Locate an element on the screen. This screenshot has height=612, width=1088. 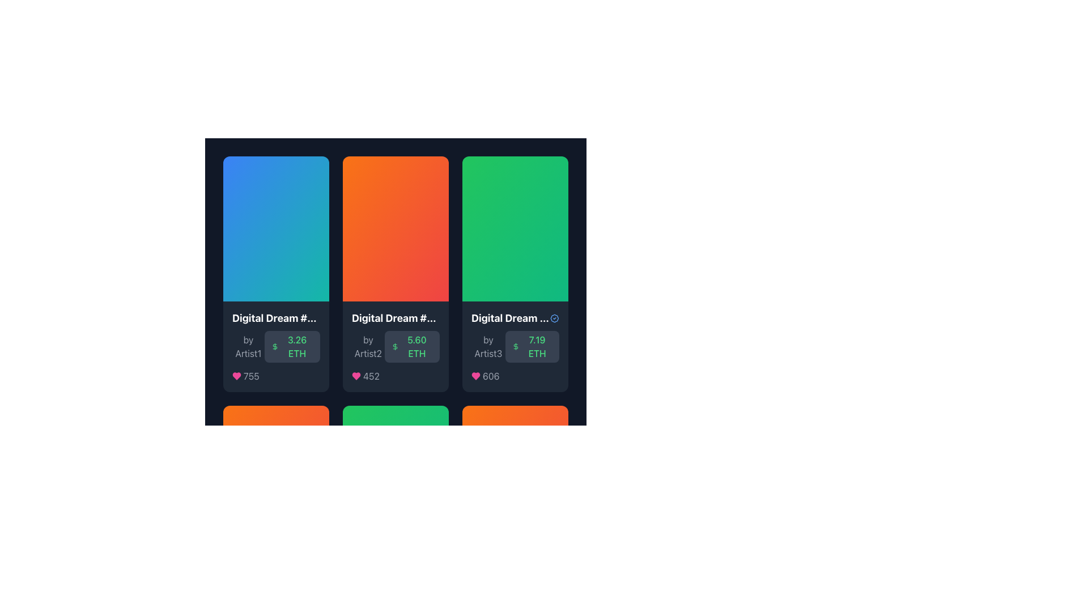
displayed text of the text label that shows 'by Artist2', which is styled with a gray font and positioned within a card-like layout is located at coordinates (368, 346).